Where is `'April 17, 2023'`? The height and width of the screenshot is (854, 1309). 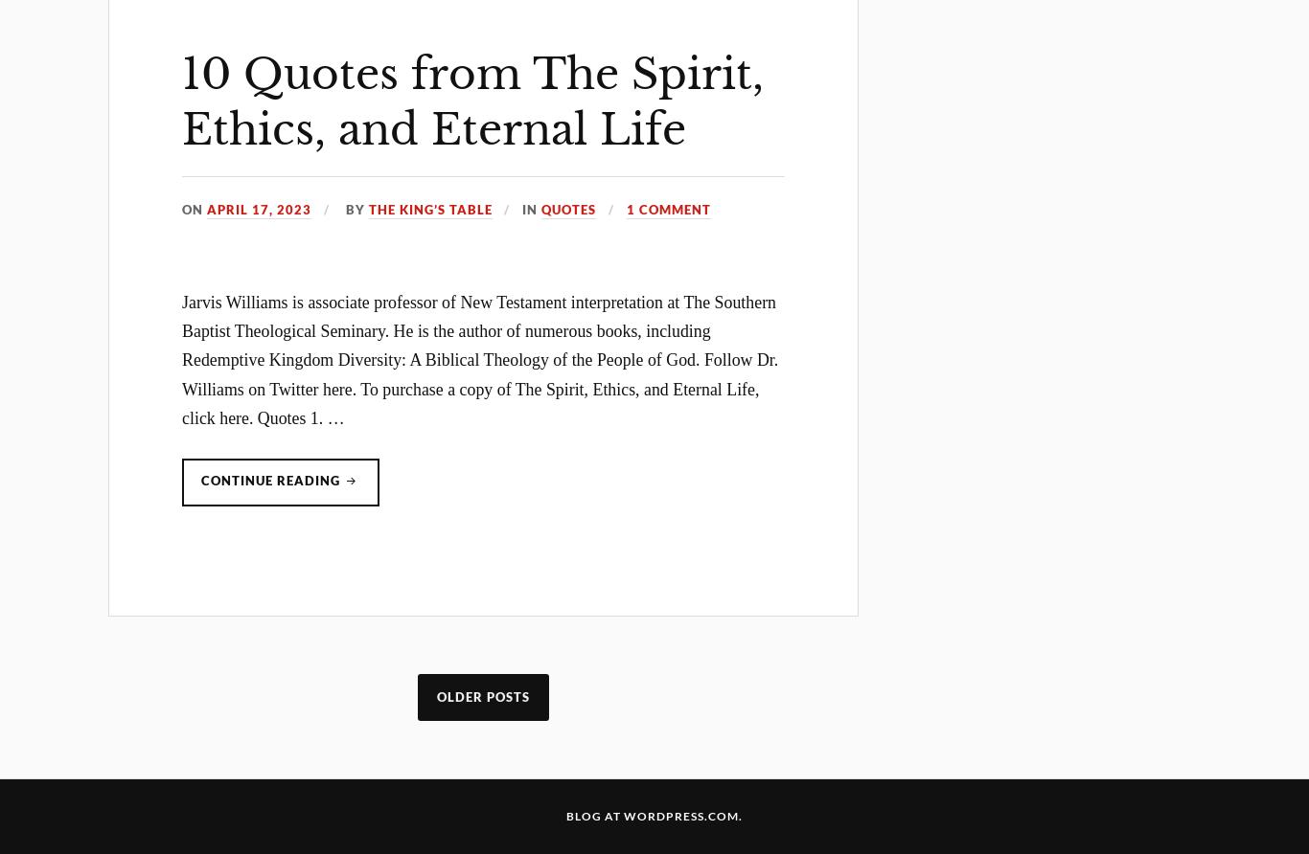
'April 17, 2023' is located at coordinates (259, 208).